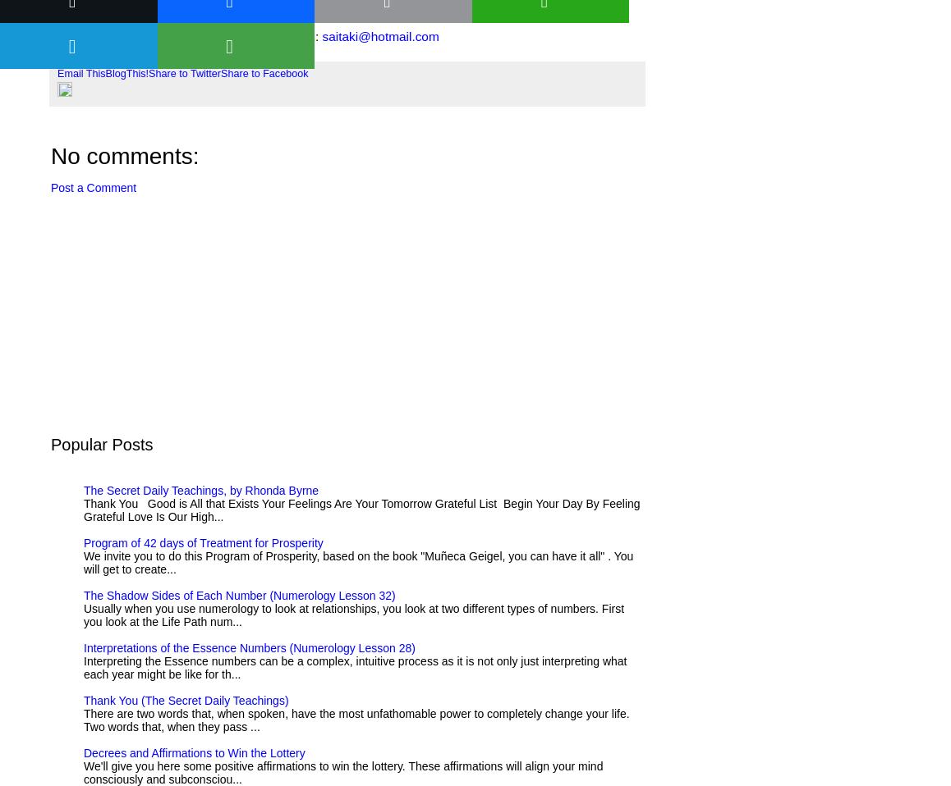 The image size is (951, 786). What do you see at coordinates (356, 720) in the screenshot?
I see `'There are two words that, when spoken, have the most unfathomable power to completely change your life.   Two words that, when they pass ...'` at bounding box center [356, 720].